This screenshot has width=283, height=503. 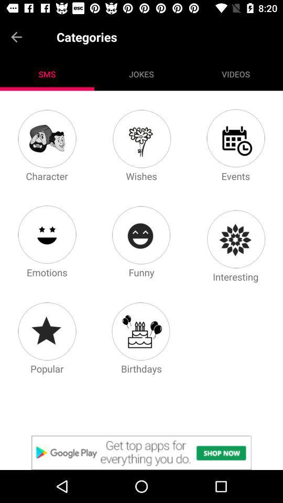 What do you see at coordinates (141, 138) in the screenshot?
I see `page` at bounding box center [141, 138].